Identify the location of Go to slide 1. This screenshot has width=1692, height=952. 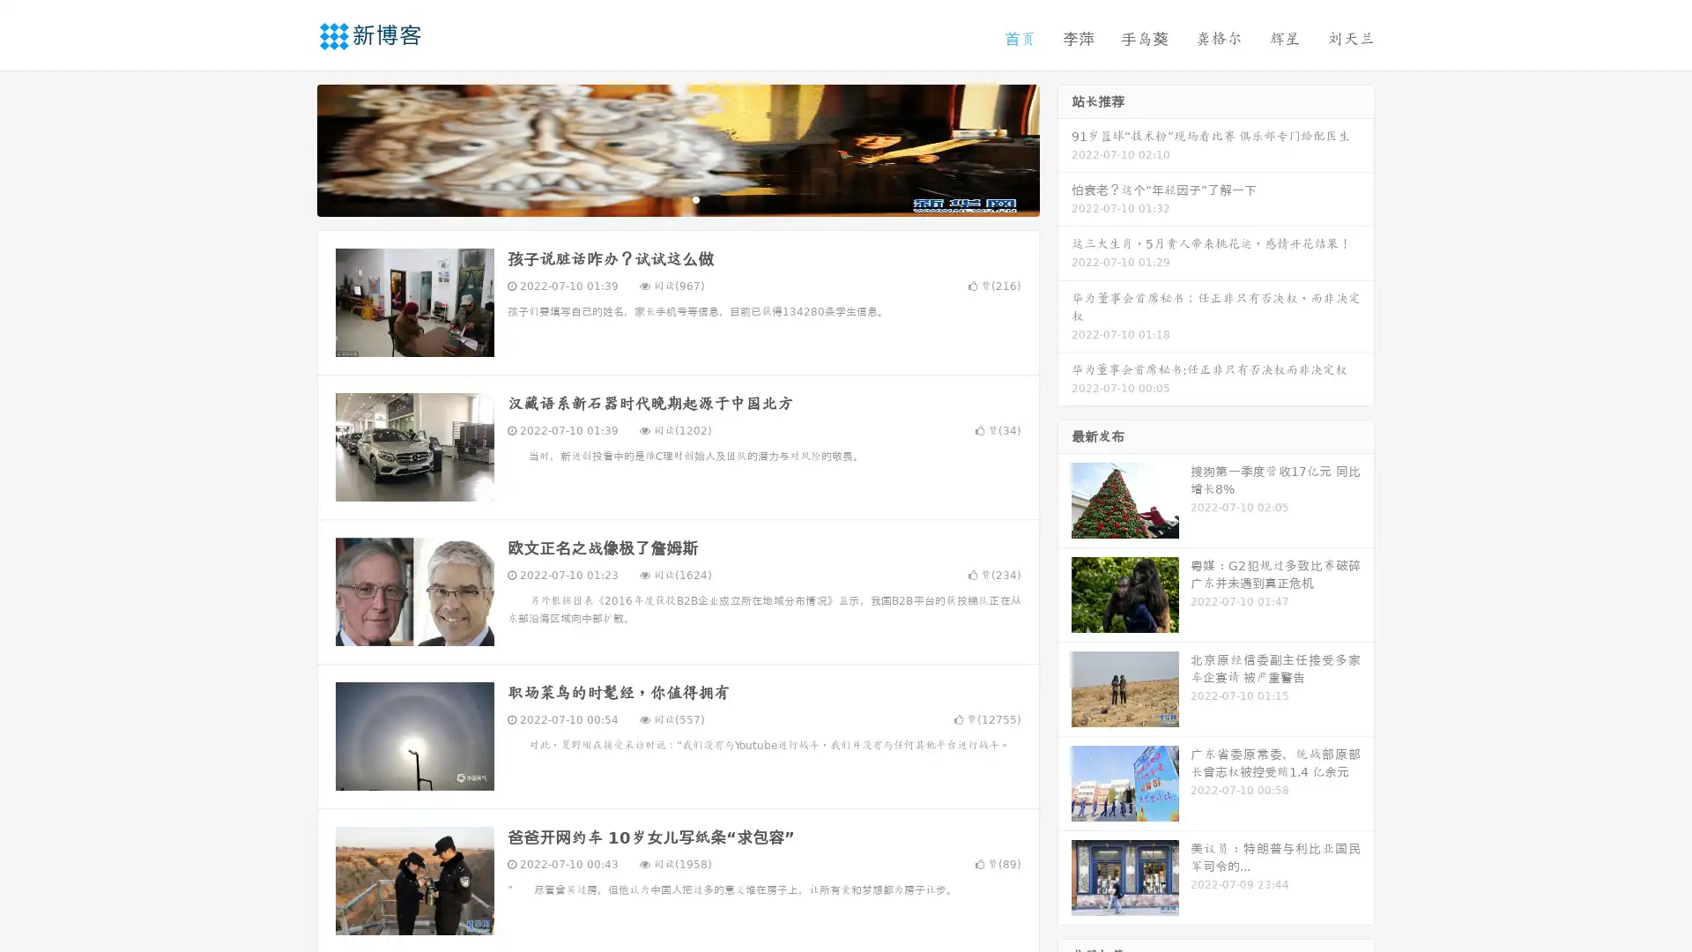
(659, 198).